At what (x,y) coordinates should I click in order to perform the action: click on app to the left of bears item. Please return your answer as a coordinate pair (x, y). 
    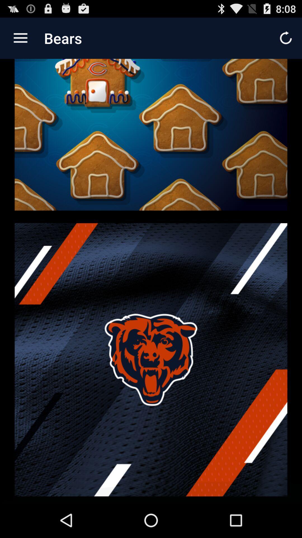
    Looking at the image, I should click on (20, 38).